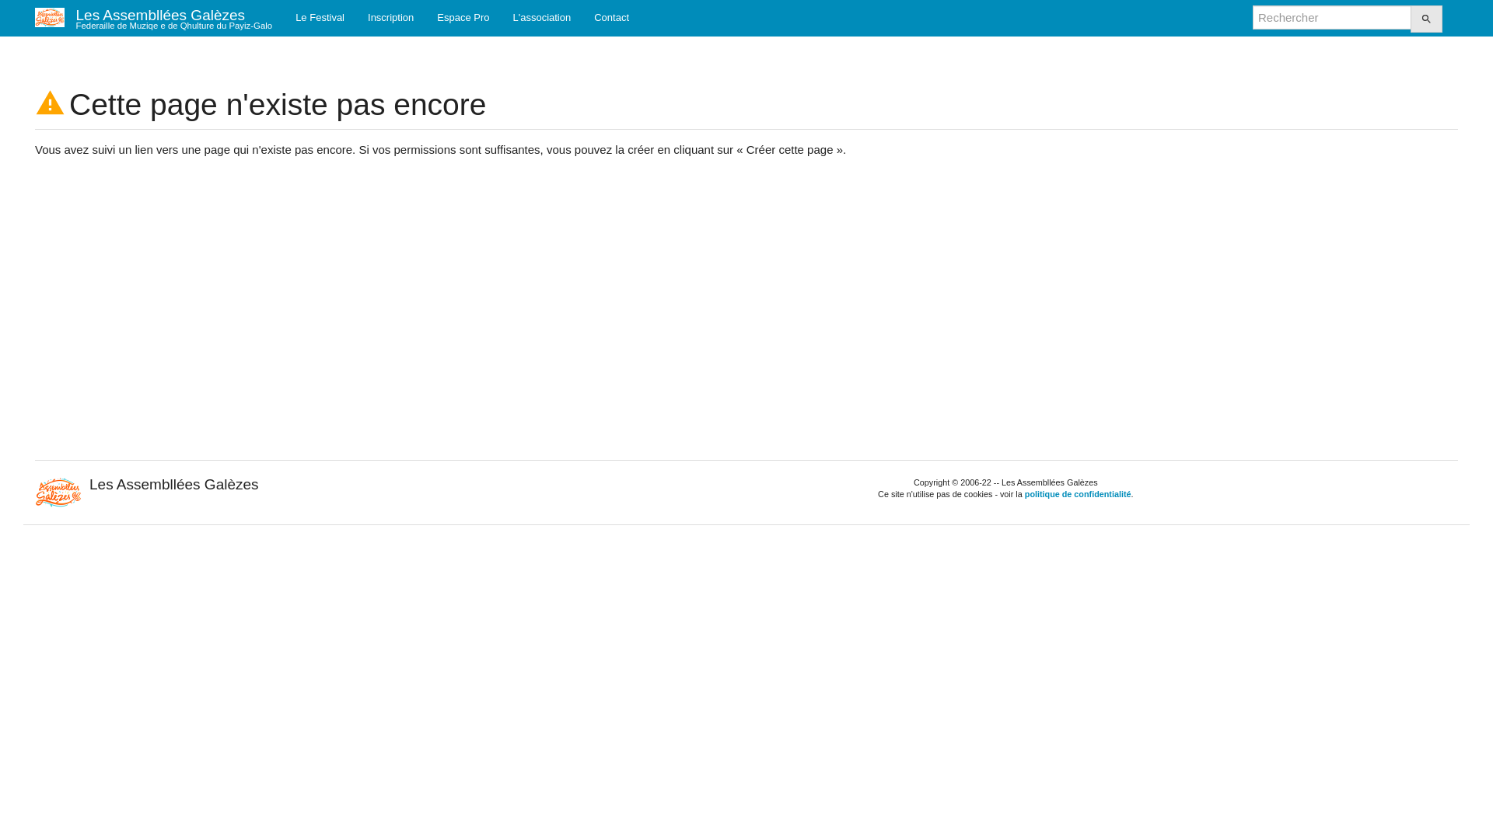 Image resolution: width=1493 pixels, height=839 pixels. I want to click on 'Espace Pro', so click(462, 17).